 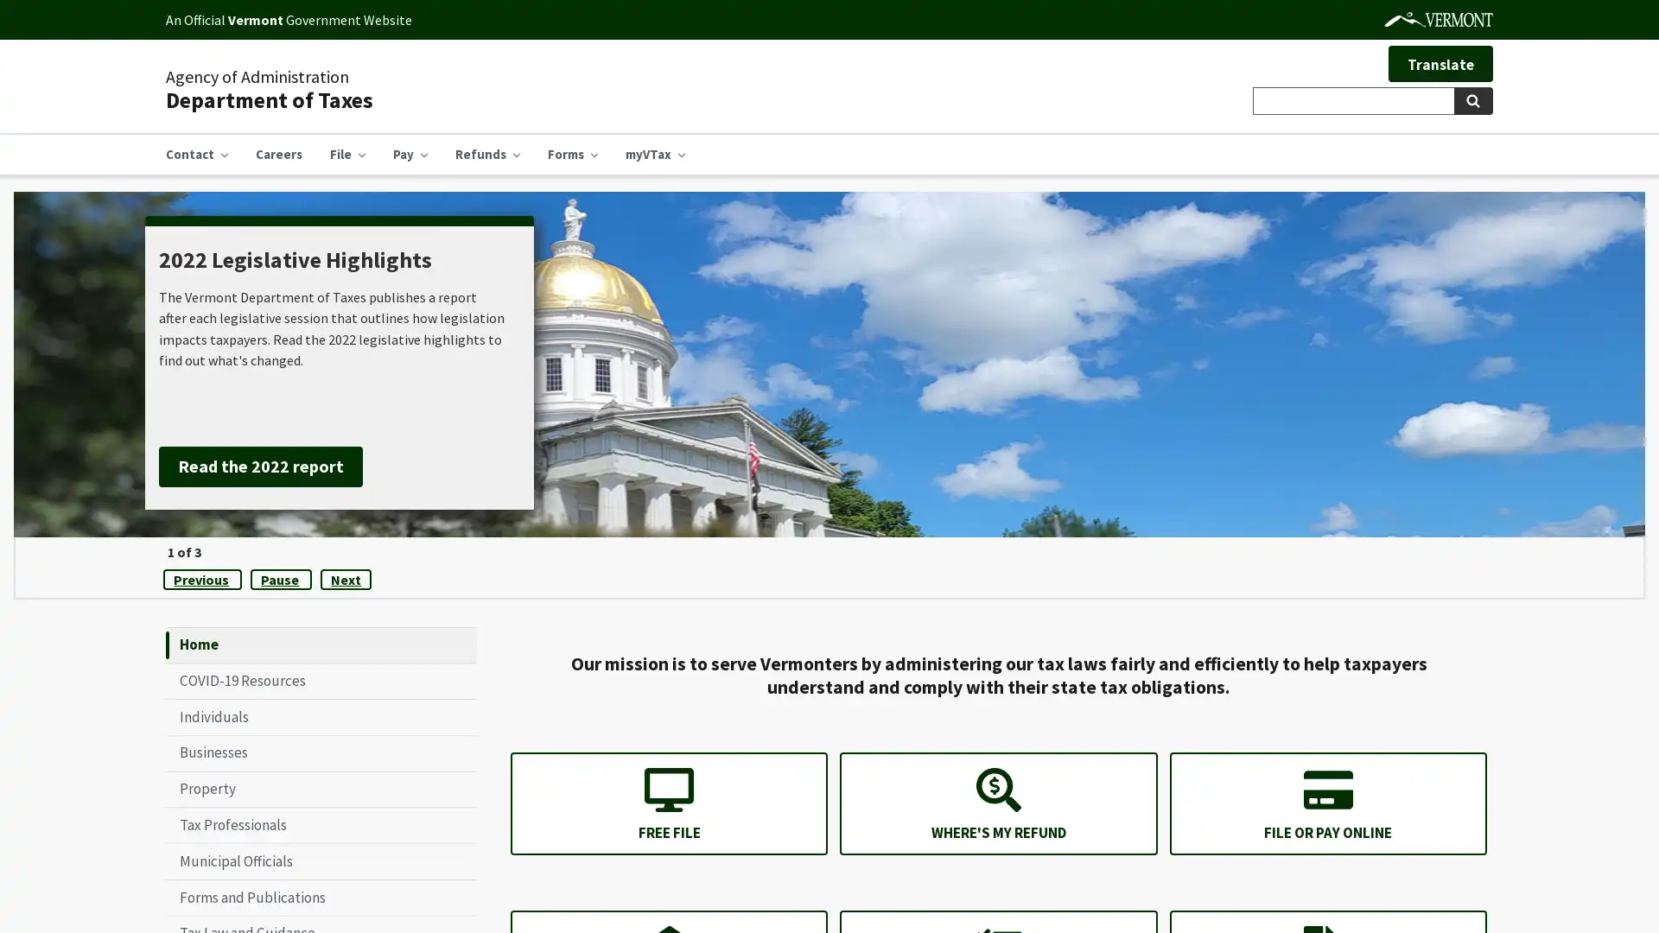 I want to click on File, so click(x=346, y=152).